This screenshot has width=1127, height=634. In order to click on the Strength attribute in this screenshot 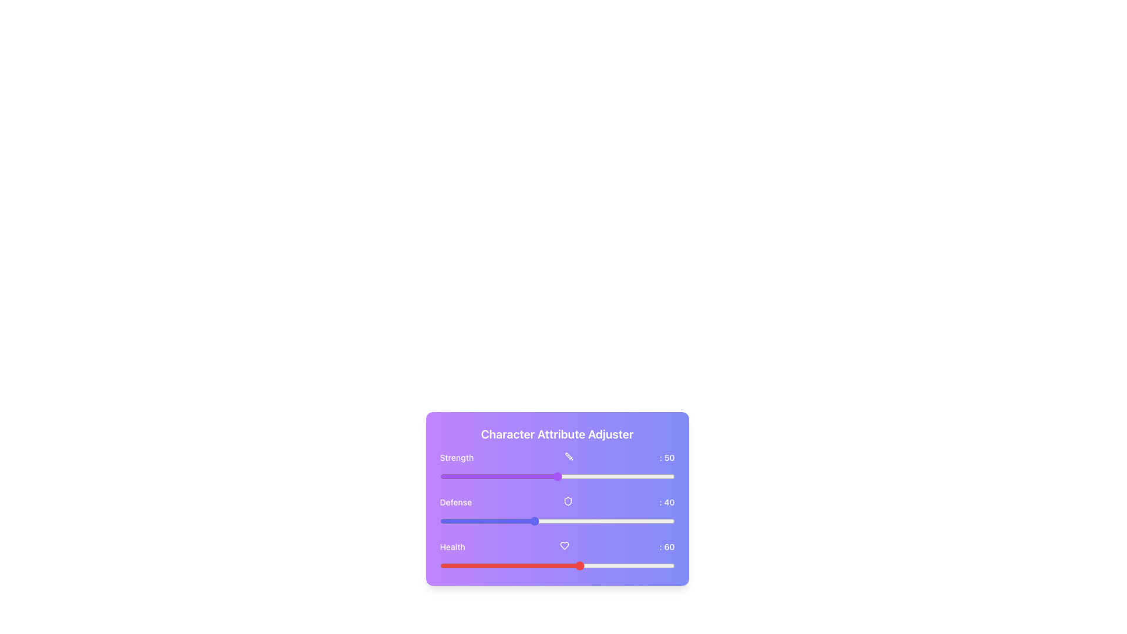, I will do `click(552, 477)`.